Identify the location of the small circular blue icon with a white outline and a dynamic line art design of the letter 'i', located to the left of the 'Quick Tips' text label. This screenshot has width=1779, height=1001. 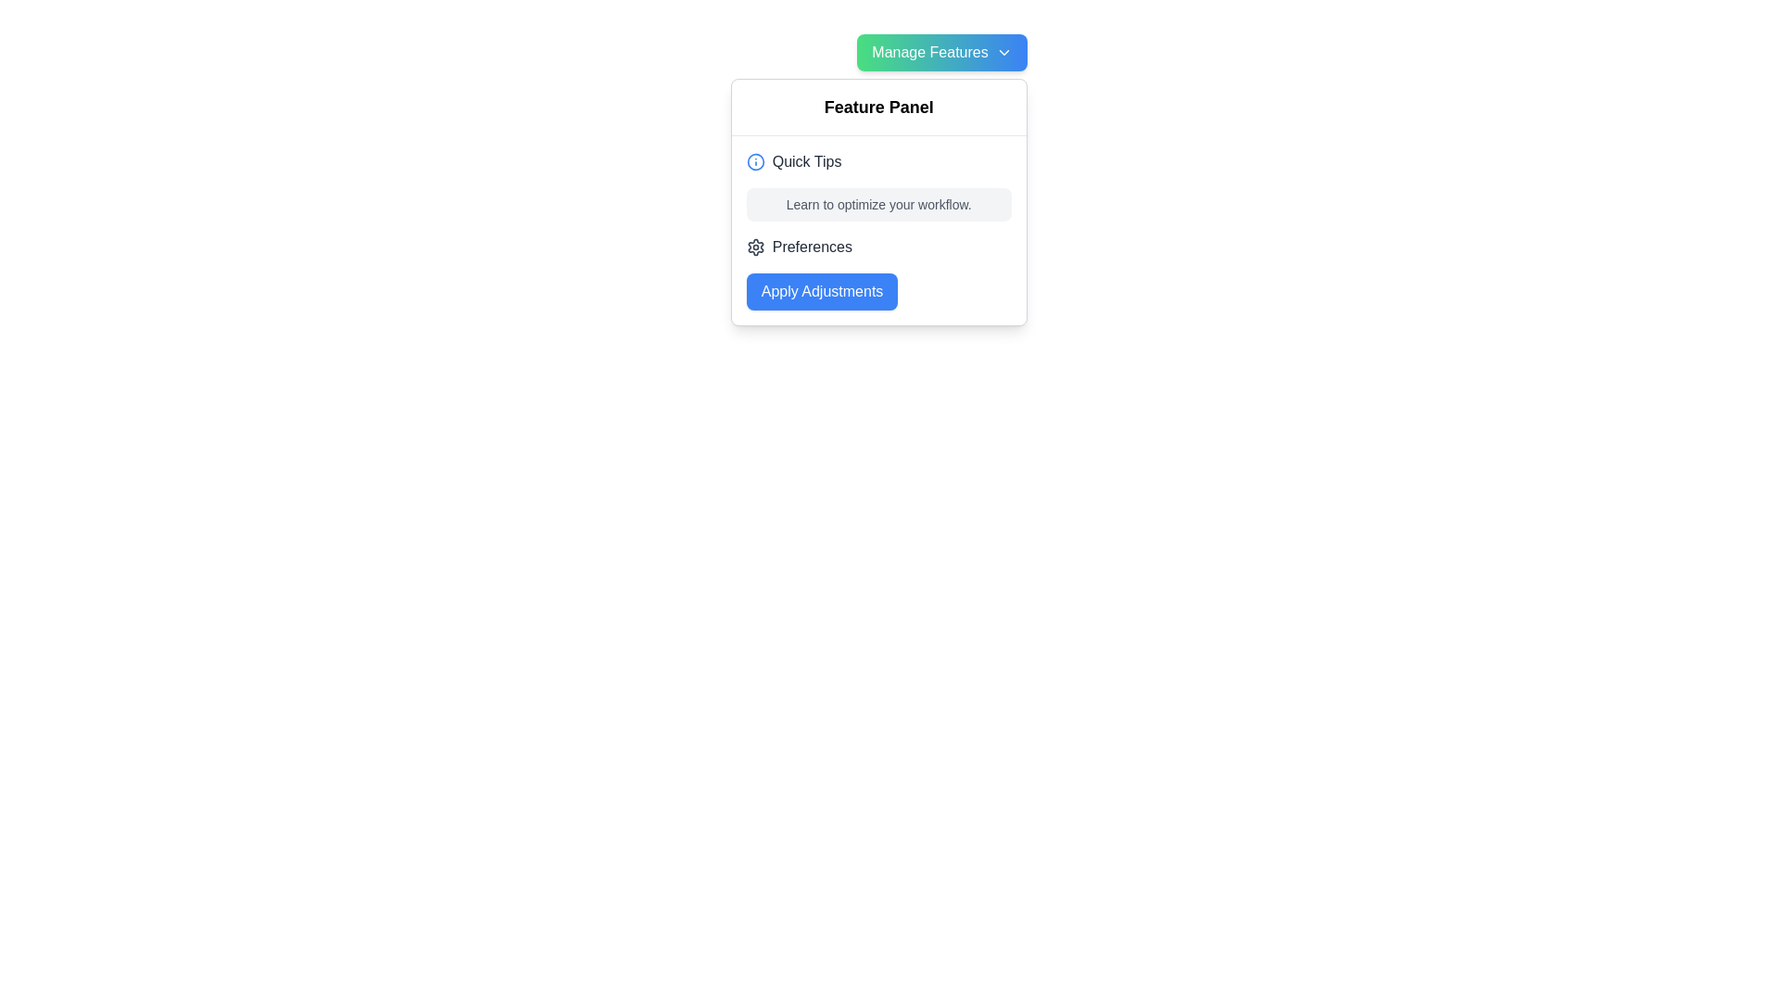
(755, 160).